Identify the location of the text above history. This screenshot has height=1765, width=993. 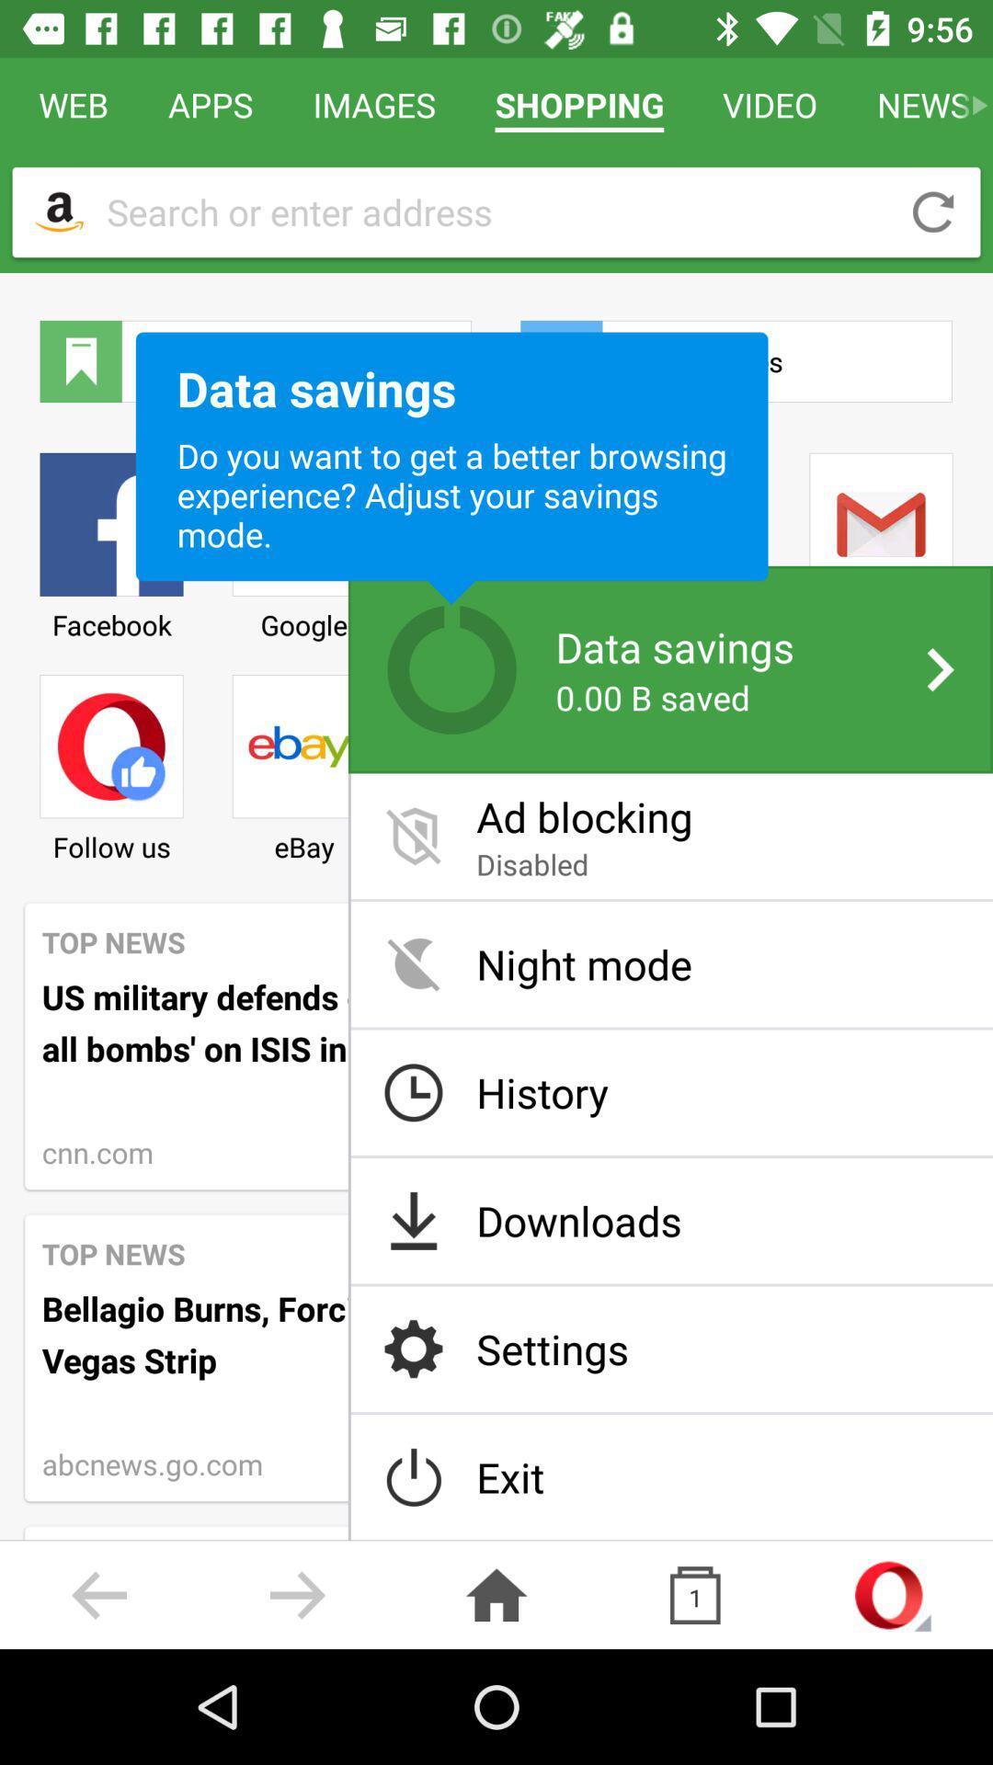
(672, 963).